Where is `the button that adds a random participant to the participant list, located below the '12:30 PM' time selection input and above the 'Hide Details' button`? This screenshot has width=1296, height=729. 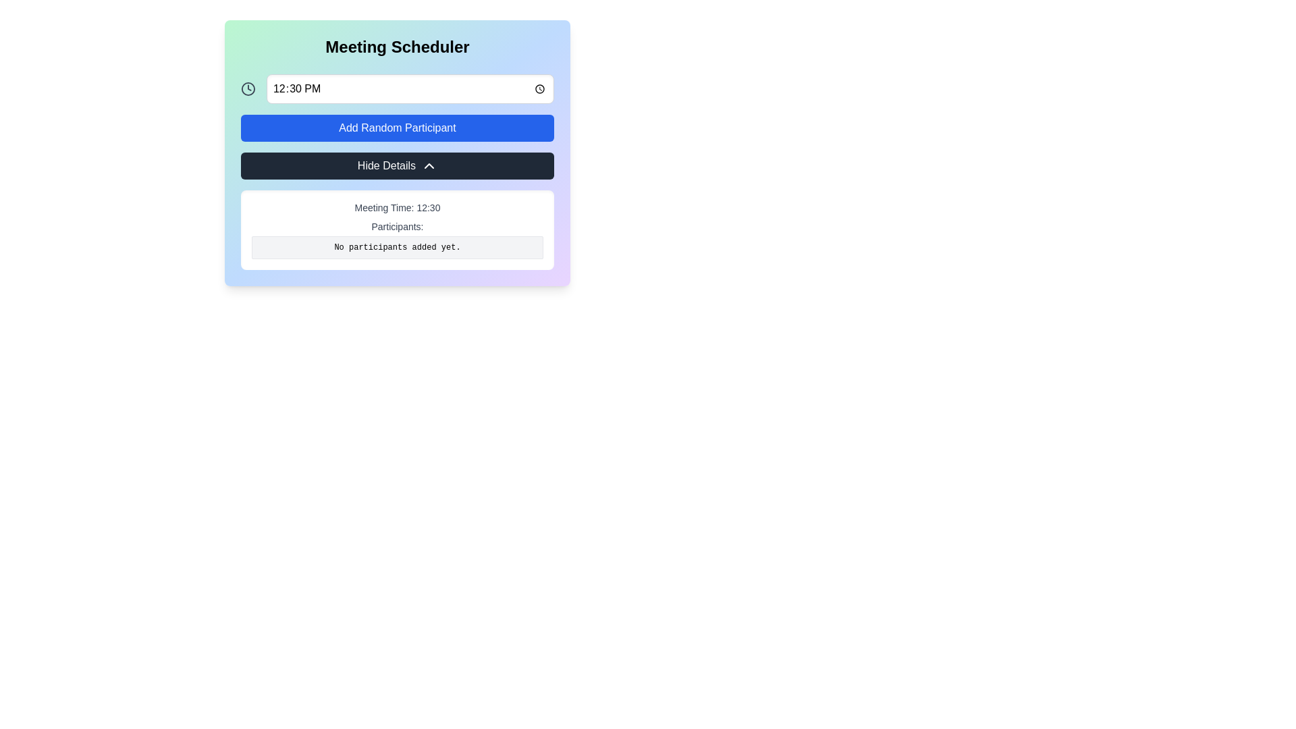
the button that adds a random participant to the participant list, located below the '12:30 PM' time selection input and above the 'Hide Details' button is located at coordinates (397, 128).